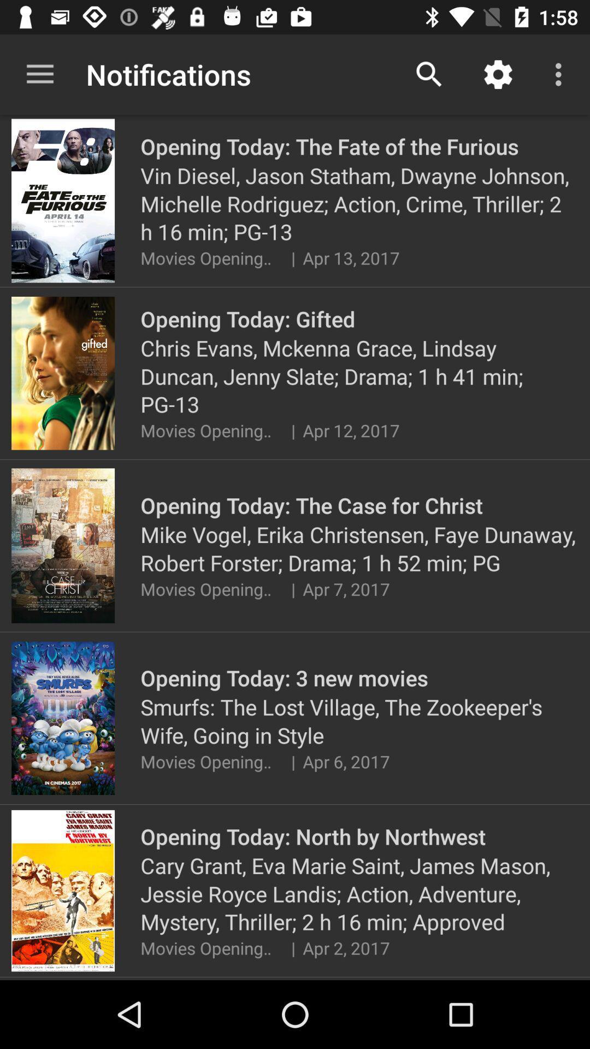 The height and width of the screenshot is (1049, 590). Describe the element at coordinates (292, 588) in the screenshot. I see `the icon to the left of the apr 7, 2017` at that location.